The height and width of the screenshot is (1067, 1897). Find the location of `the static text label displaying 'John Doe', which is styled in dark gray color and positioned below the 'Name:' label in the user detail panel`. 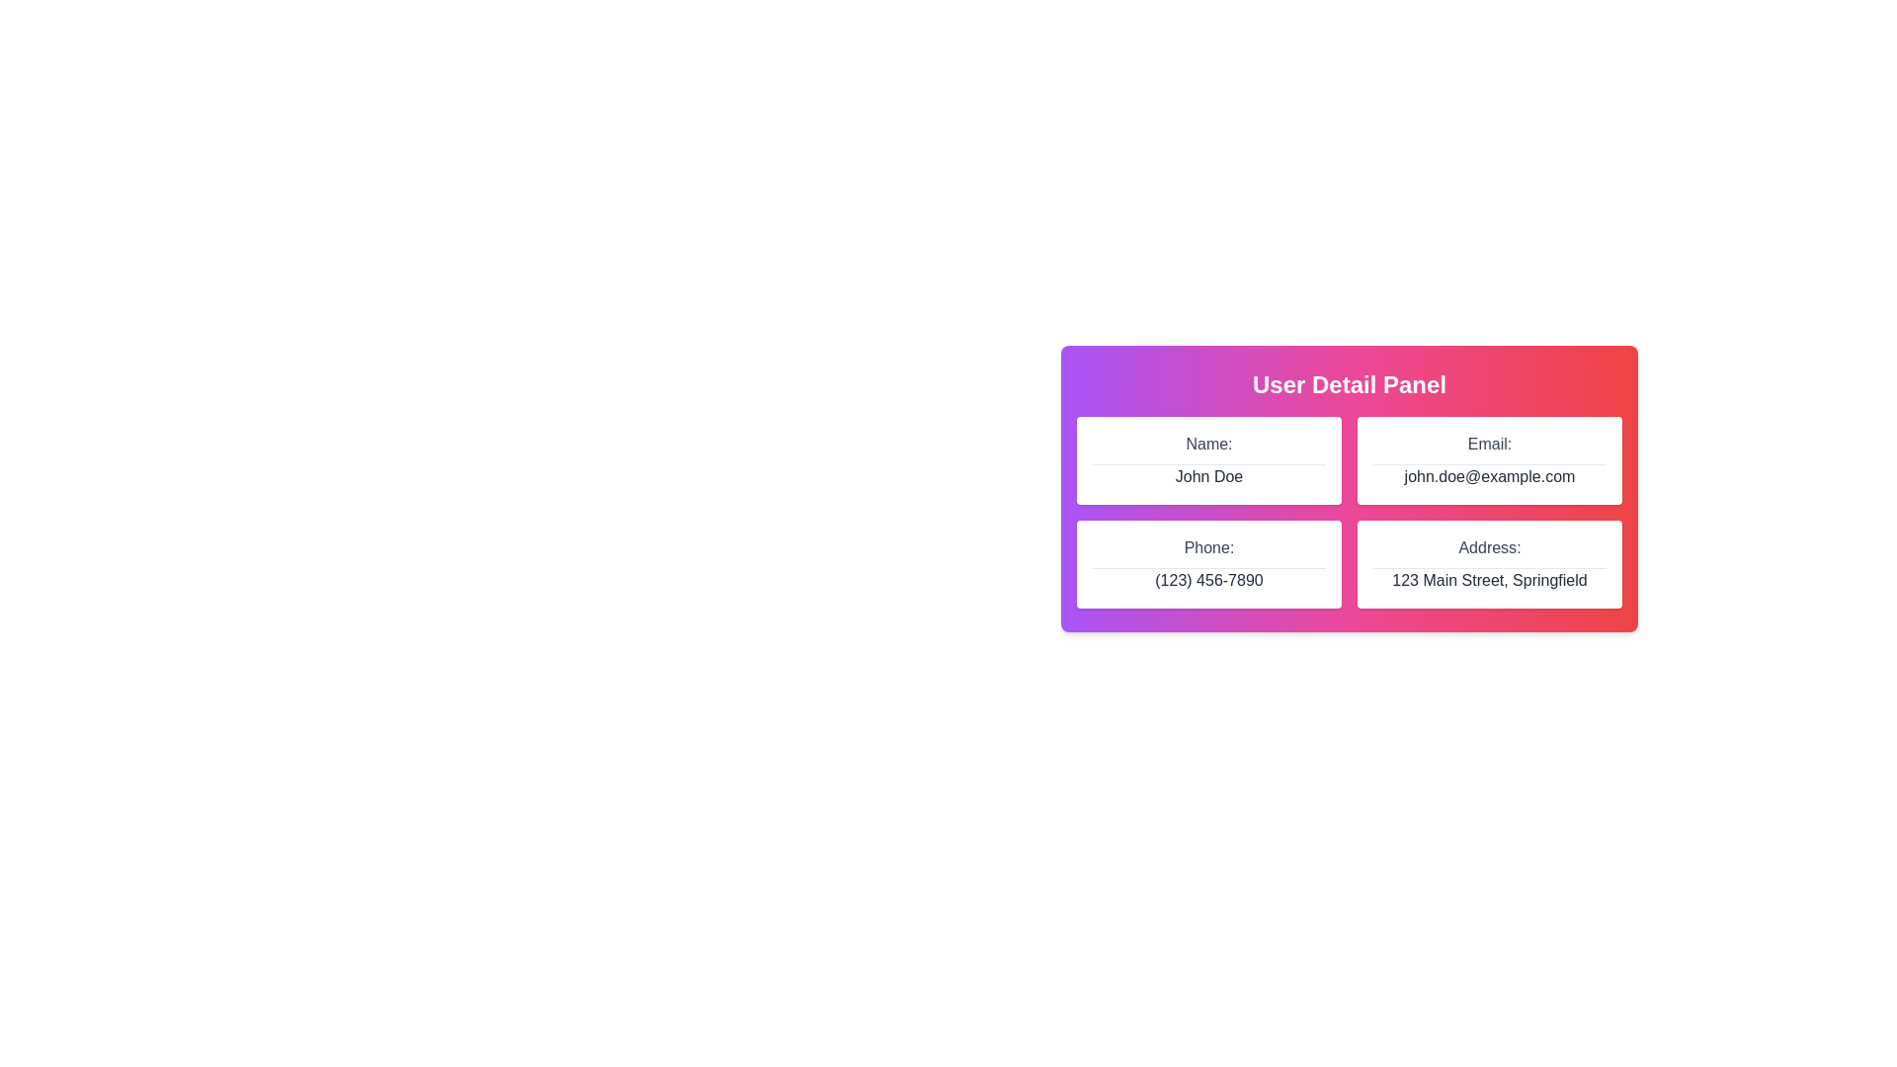

the static text label displaying 'John Doe', which is styled in dark gray color and positioned below the 'Name:' label in the user detail panel is located at coordinates (1208, 476).